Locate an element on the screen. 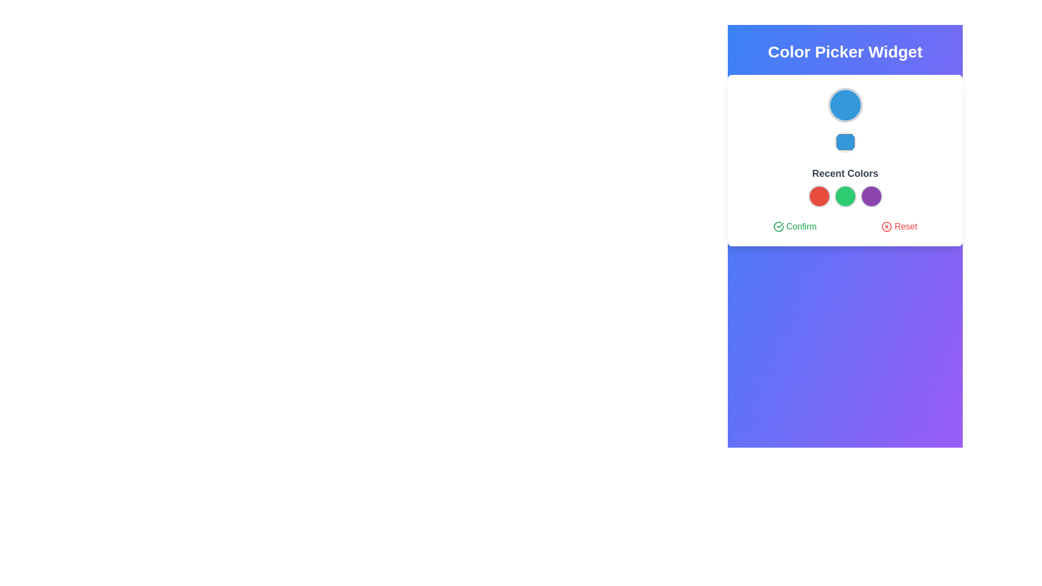 The height and width of the screenshot is (586, 1042). the text label that serves as a confirmation indicator, located to the right of a check-circle icon in the lower-left quadrant of the white panel is located at coordinates (801, 226).